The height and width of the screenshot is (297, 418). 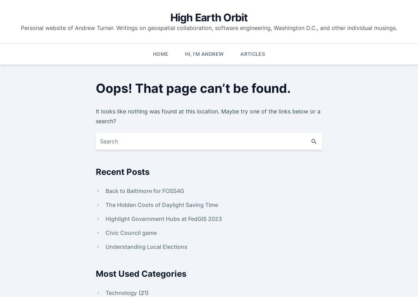 I want to click on 'Recent Posts', so click(x=122, y=171).